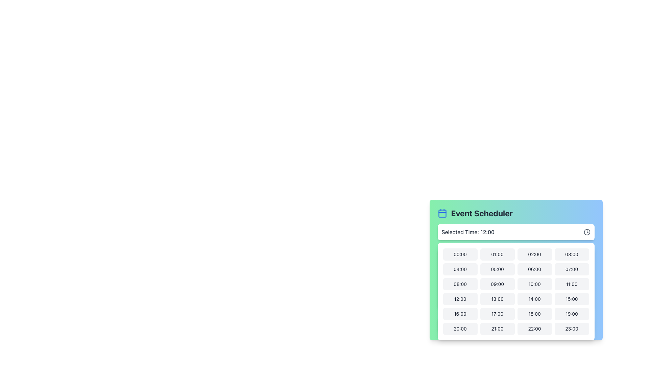 The height and width of the screenshot is (365, 649). What do you see at coordinates (571, 284) in the screenshot?
I see `the '11:00' time slot button` at bounding box center [571, 284].